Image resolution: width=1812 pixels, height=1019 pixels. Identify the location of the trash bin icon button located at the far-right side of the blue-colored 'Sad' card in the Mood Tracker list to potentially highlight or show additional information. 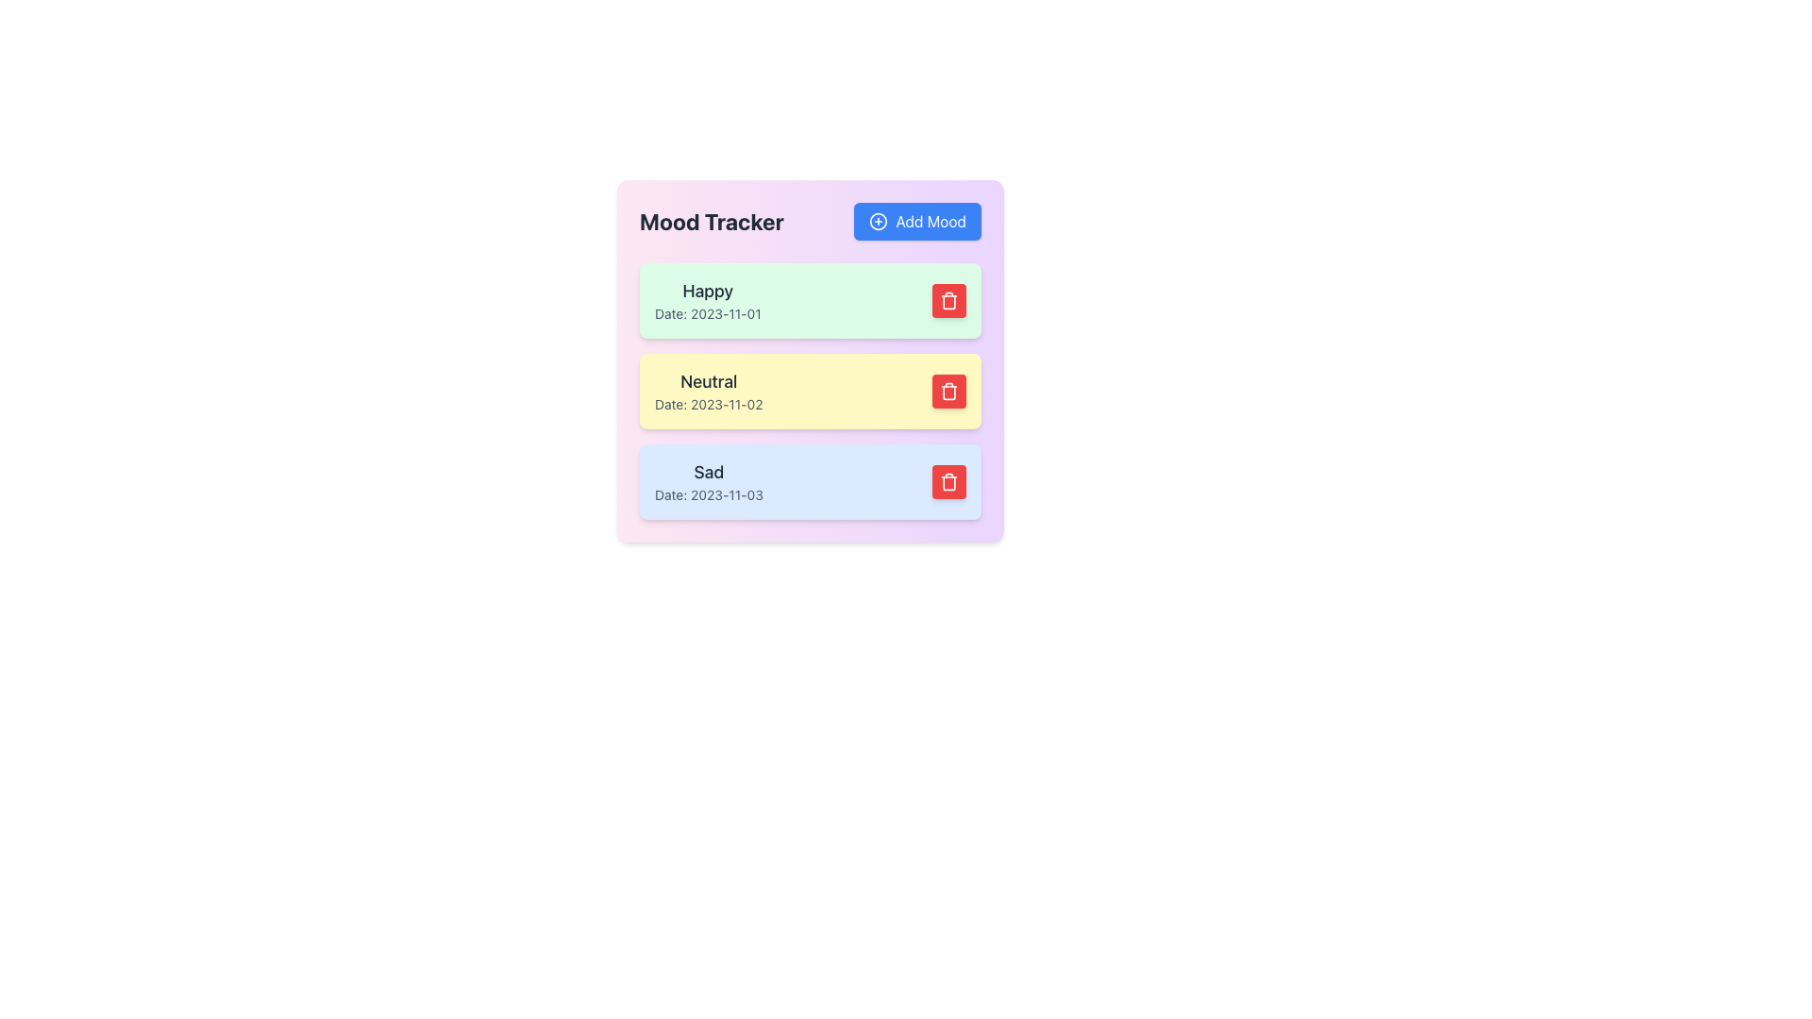
(949, 480).